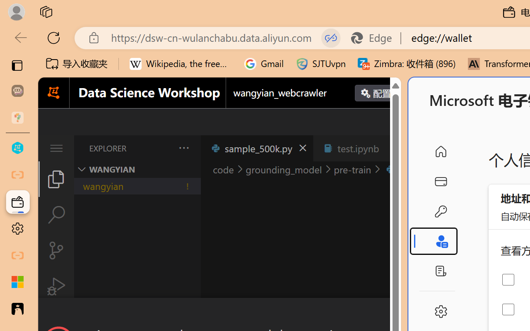 The image size is (530, 331). I want to click on 'Explorer Section: wangyian', so click(137, 169).